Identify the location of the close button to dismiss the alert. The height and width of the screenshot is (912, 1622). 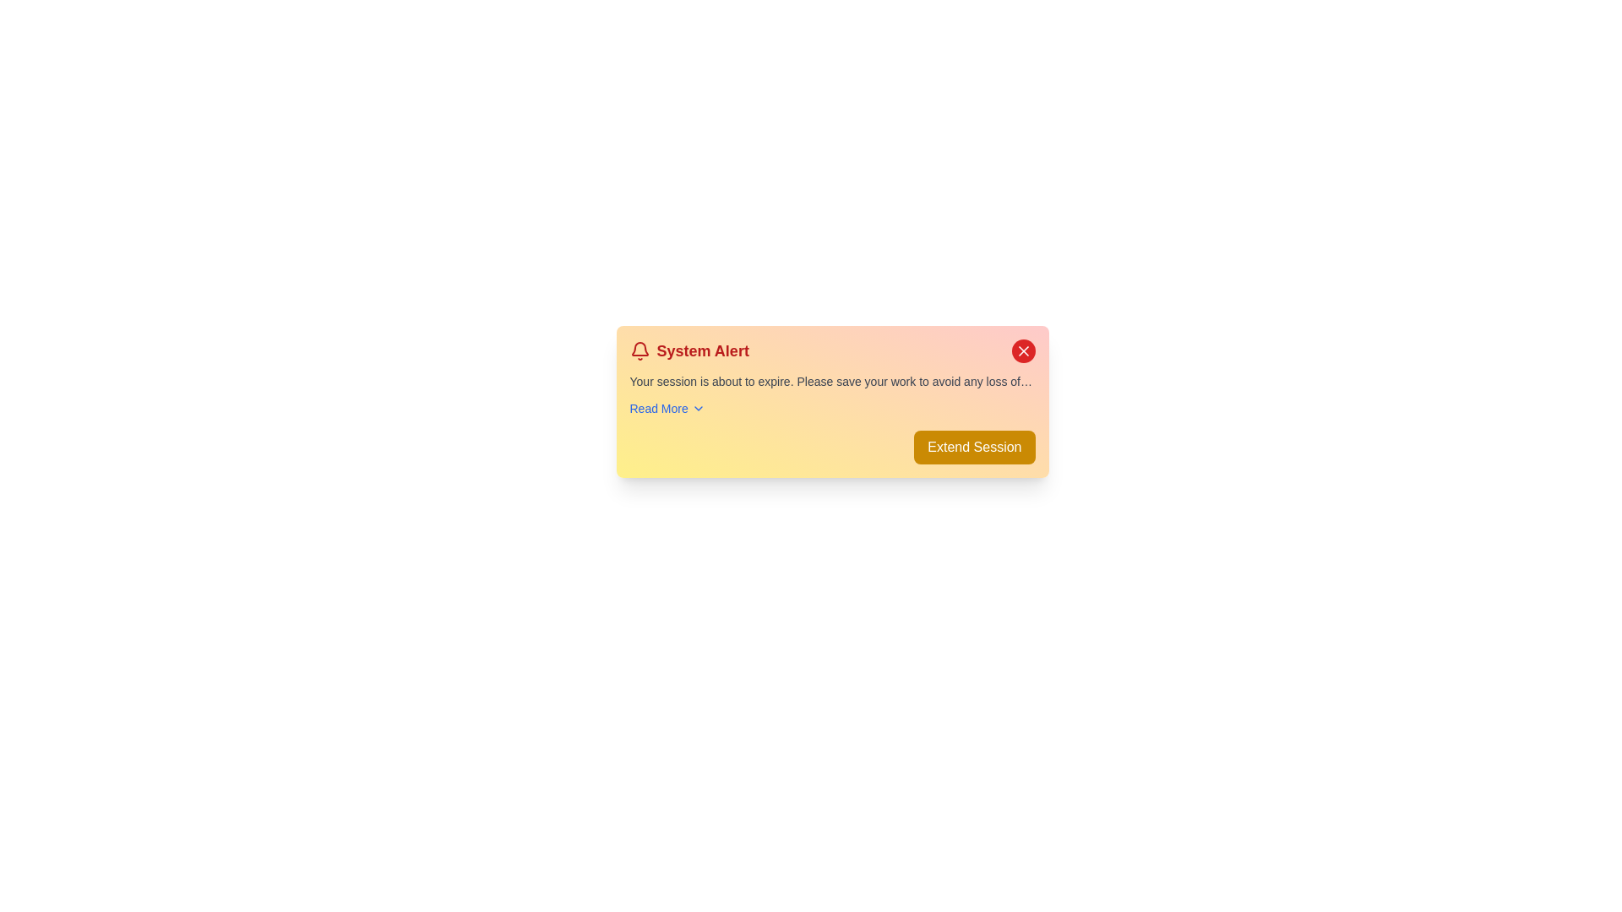
(1022, 350).